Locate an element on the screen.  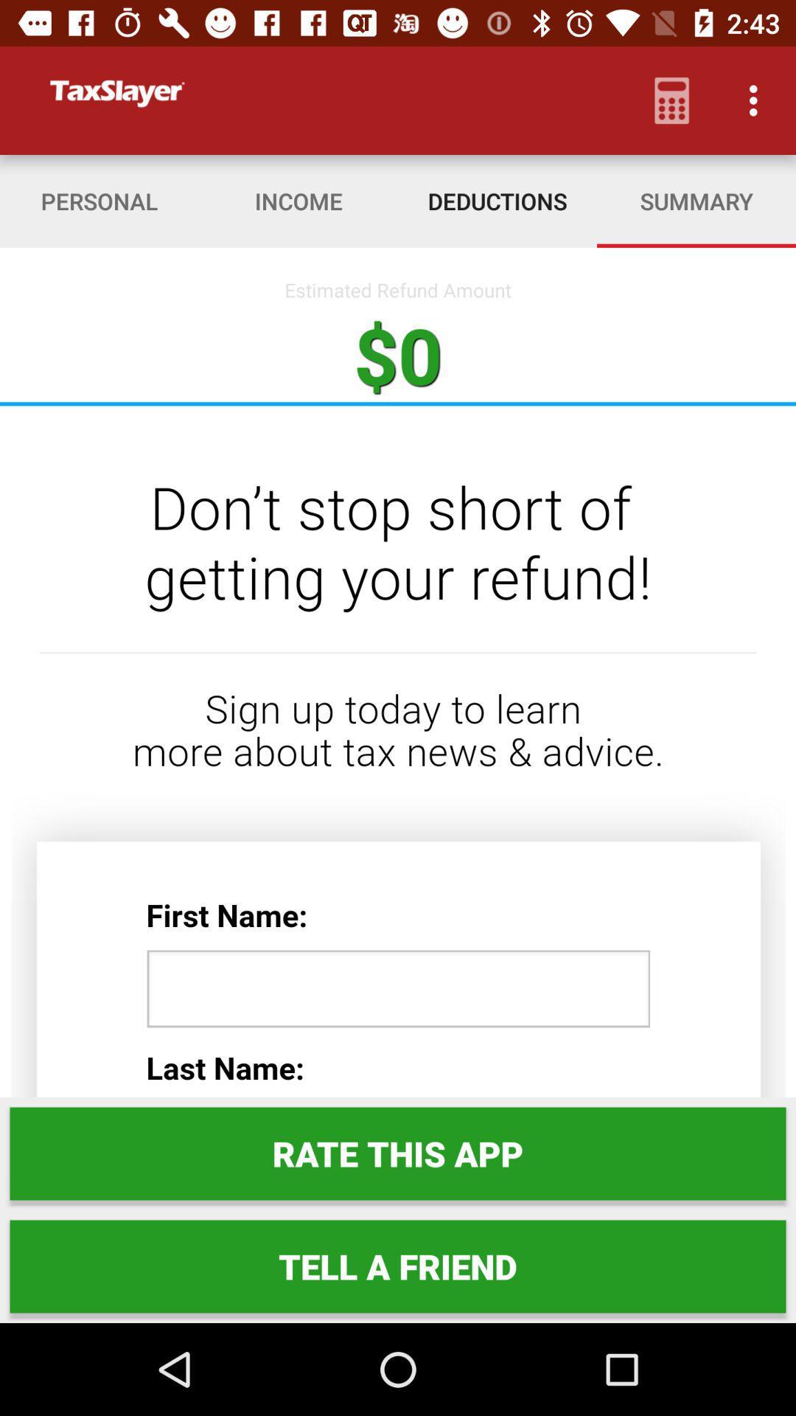
the icon above the summary item is located at coordinates (757, 100).